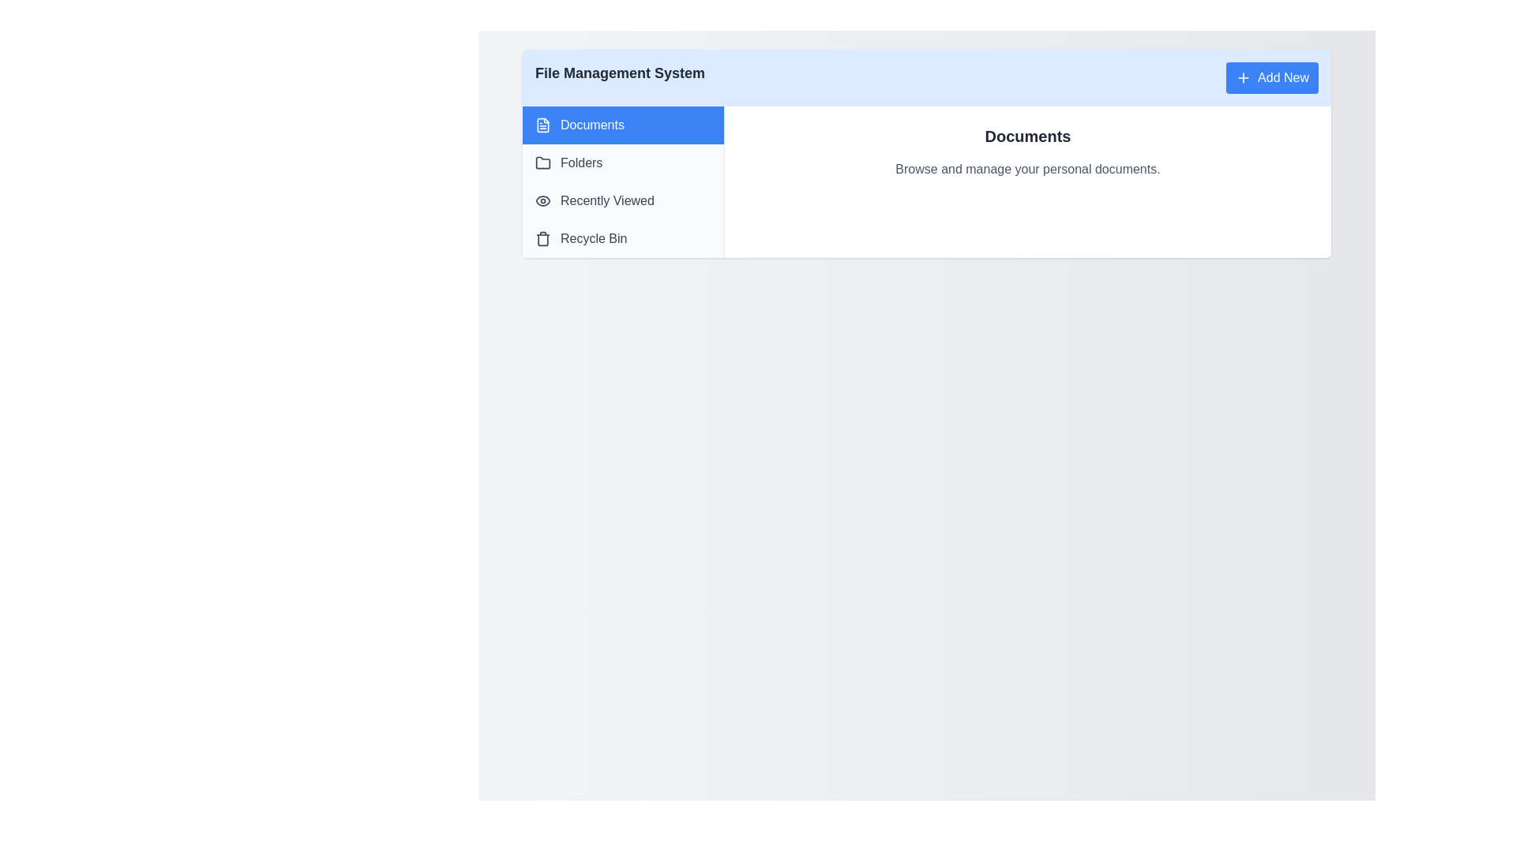 This screenshot has height=852, width=1516. Describe the element at coordinates (1272, 78) in the screenshot. I see `the blue button with rounded corners labeled 'Add New' to interact` at that location.